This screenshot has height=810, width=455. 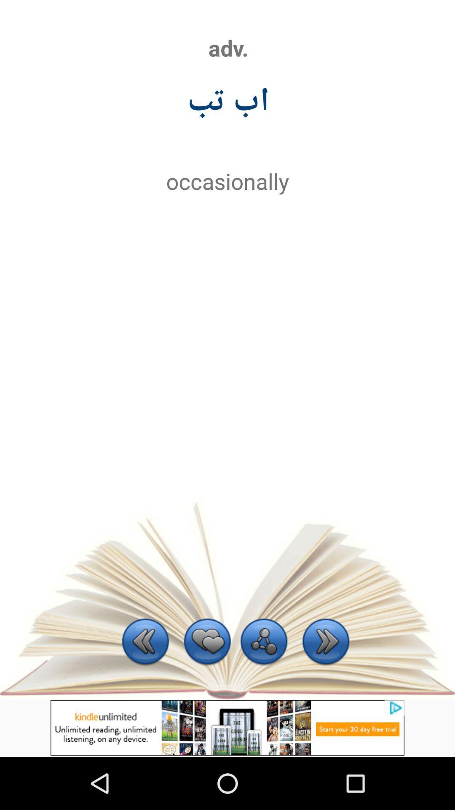 What do you see at coordinates (145, 642) in the screenshot?
I see `clica na setinha da esquerda` at bounding box center [145, 642].